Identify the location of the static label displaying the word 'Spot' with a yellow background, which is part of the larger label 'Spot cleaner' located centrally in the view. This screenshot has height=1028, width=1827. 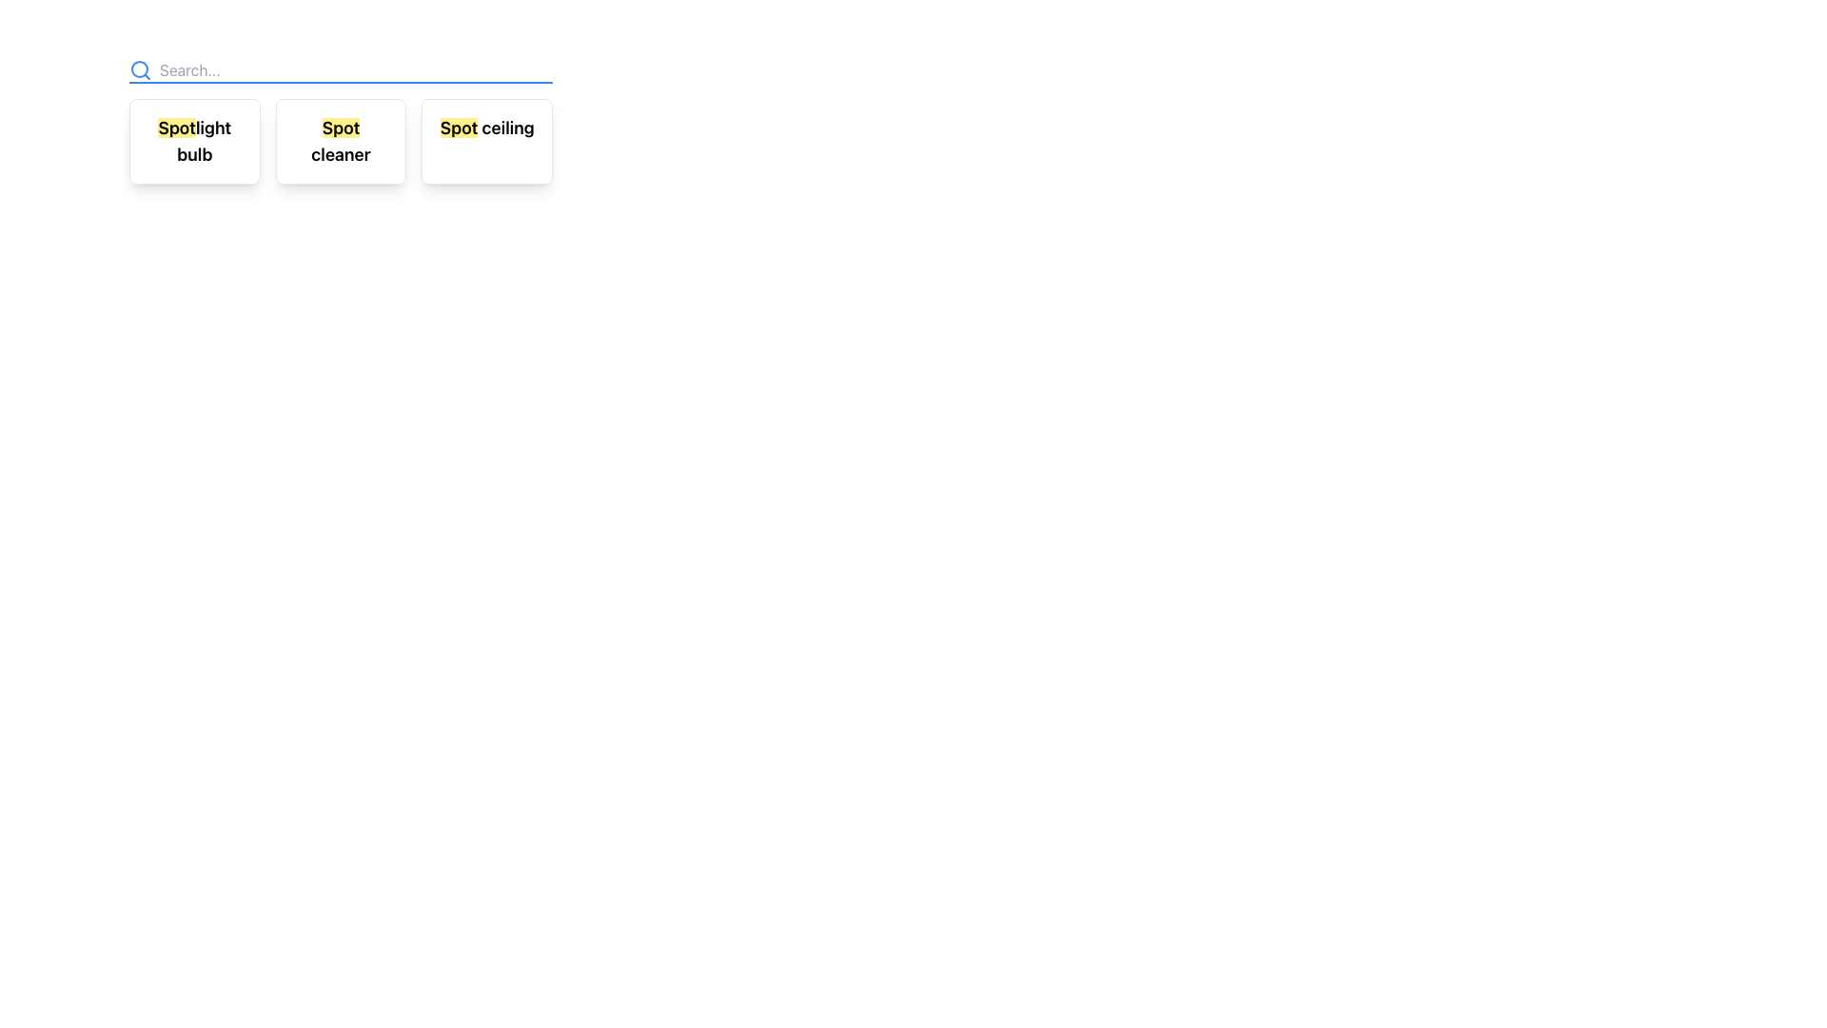
(341, 128).